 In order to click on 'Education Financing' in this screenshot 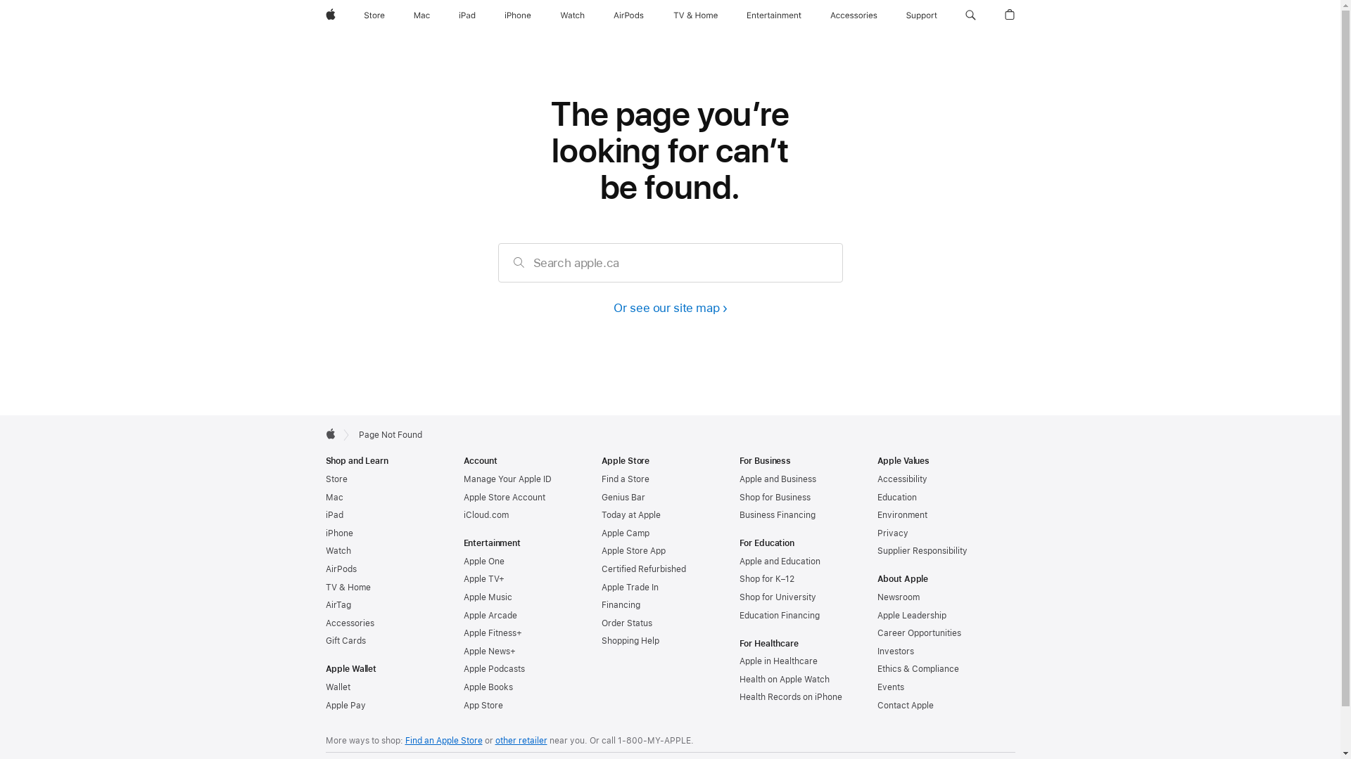, I will do `click(778, 614)`.